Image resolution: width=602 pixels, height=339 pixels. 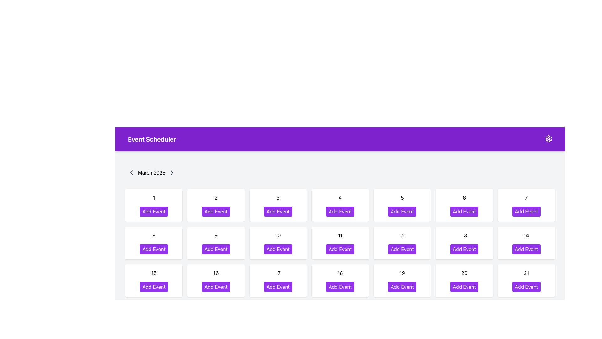 I want to click on the 'Add Event' button on the Calendar day card representing the 15th day, located in the third row, first column of the grid, so click(x=154, y=280).